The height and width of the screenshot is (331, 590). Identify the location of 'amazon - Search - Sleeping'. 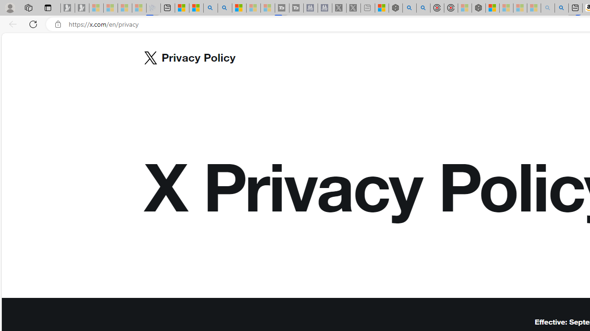
(548, 8).